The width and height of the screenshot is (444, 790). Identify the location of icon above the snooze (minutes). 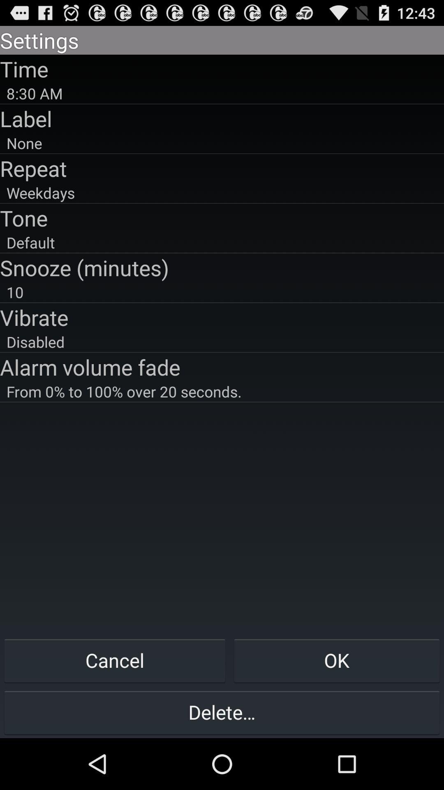
(222, 242).